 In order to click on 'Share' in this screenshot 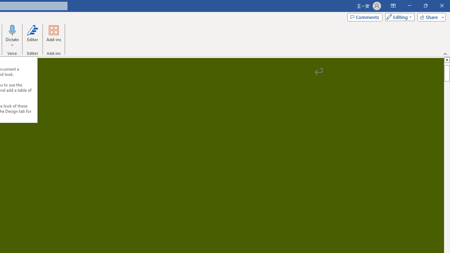, I will do `click(430, 17)`.